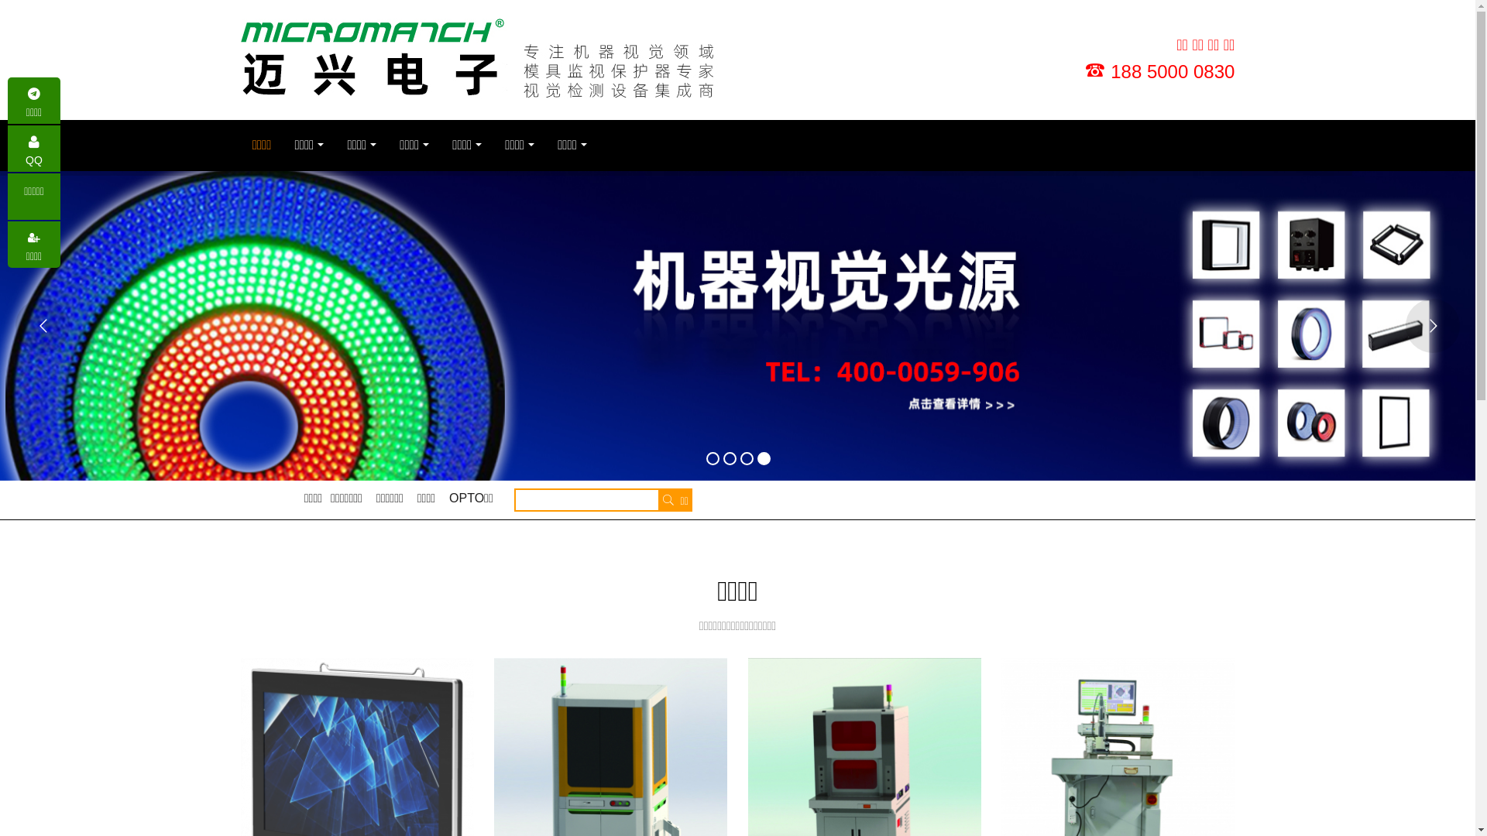  I want to click on 'QQ', so click(33, 149).